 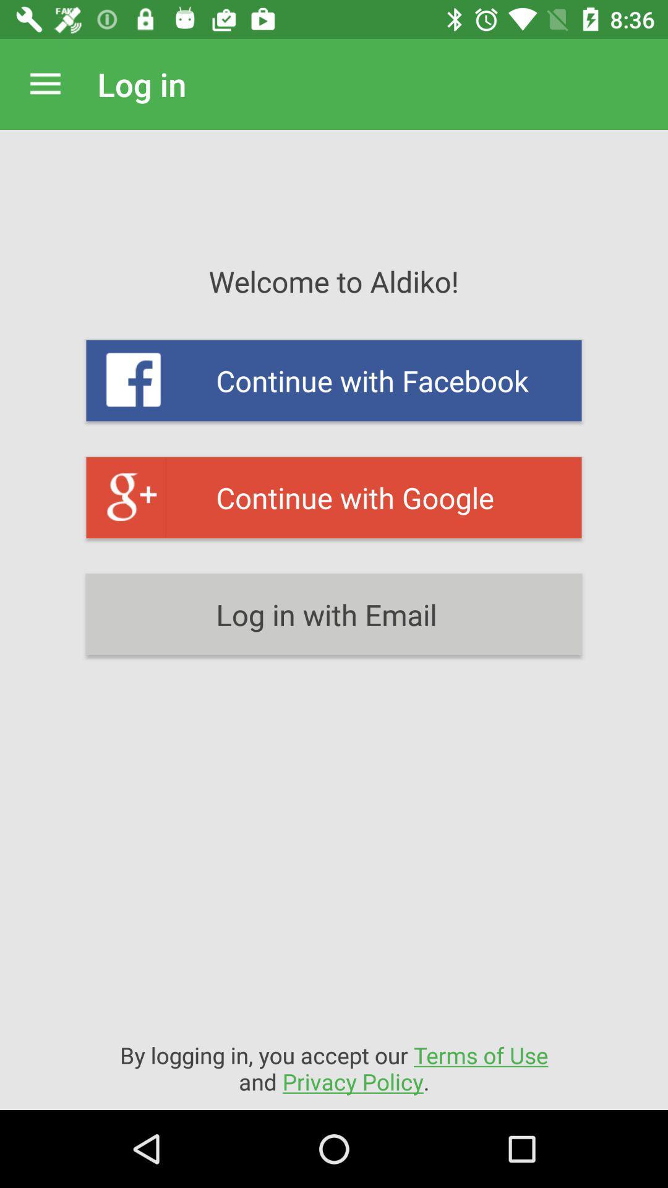 I want to click on the app next to log in icon, so click(x=45, y=84).